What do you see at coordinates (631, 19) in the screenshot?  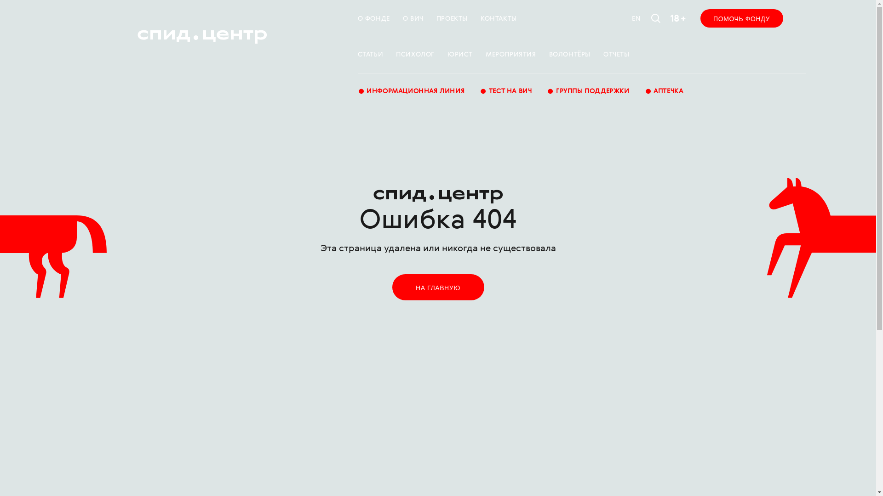 I see `'EN'` at bounding box center [631, 19].